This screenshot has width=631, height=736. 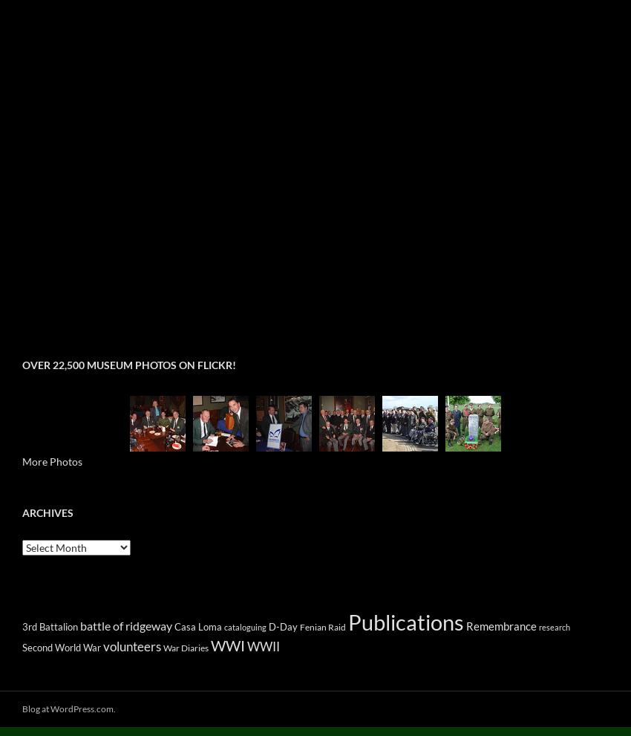 I want to click on 'Blog at WordPress.com.', so click(x=68, y=709).